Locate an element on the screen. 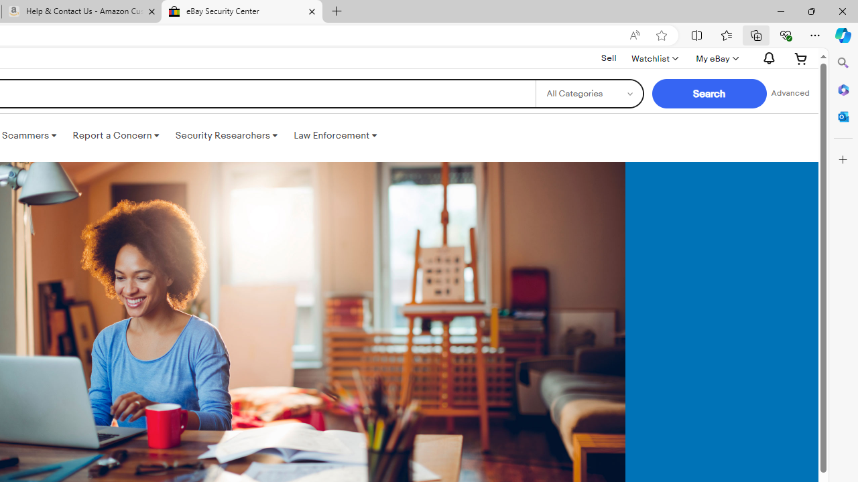 Image resolution: width=858 pixels, height=482 pixels. 'AutomationID: gh-eb-Alerts' is located at coordinates (767, 58).